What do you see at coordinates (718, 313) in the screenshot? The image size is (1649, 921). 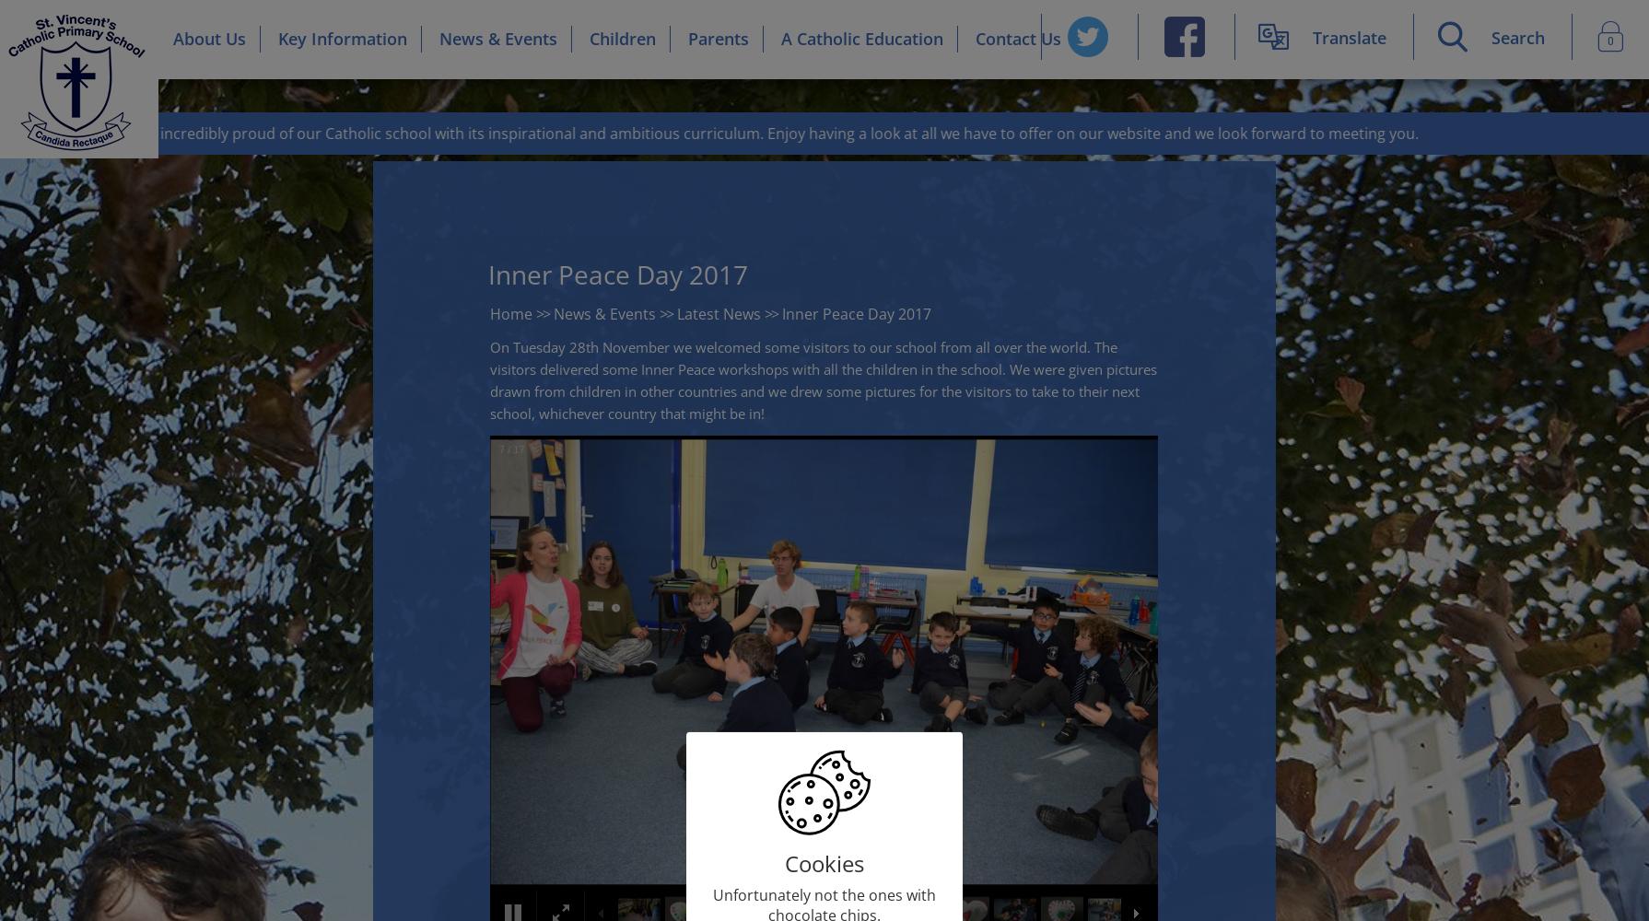 I see `'Latest News'` at bounding box center [718, 313].